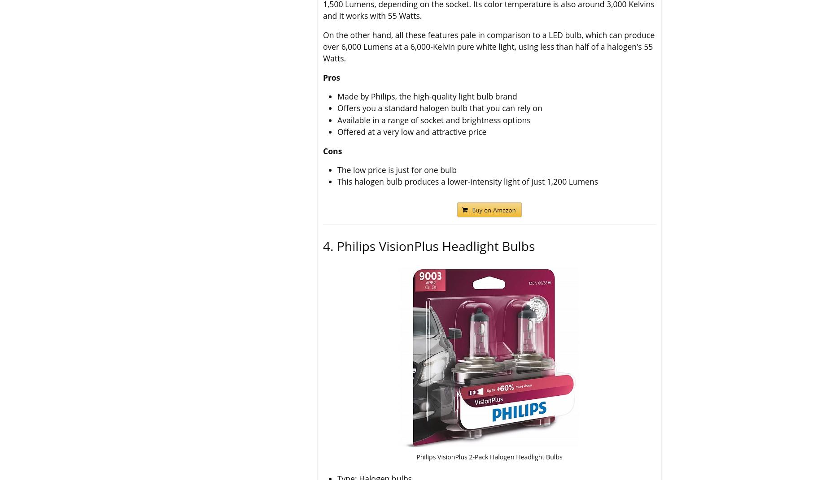  I want to click on 'Made by Philips, the high-quality light bulb brand', so click(427, 95).